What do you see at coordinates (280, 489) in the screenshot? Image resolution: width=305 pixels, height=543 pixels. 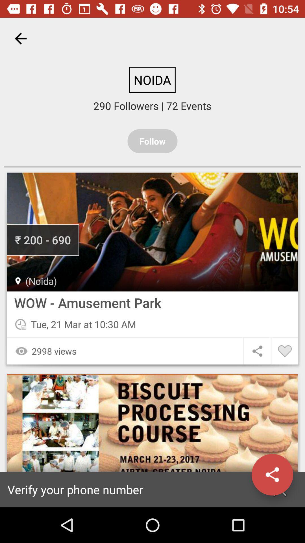 I see `the share icon which is at the bottom right corner` at bounding box center [280, 489].